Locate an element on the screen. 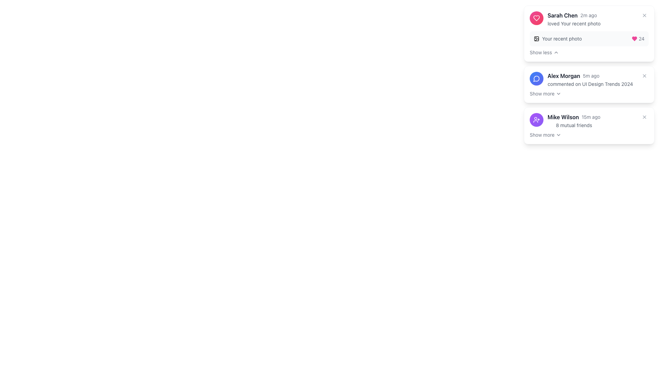 Image resolution: width=660 pixels, height=371 pixels. the circular icon with a pink gradient background featuring a white heart outline, located to the left of the text 'Sarah Chen 2m ago' in the notification panel is located at coordinates (536, 18).